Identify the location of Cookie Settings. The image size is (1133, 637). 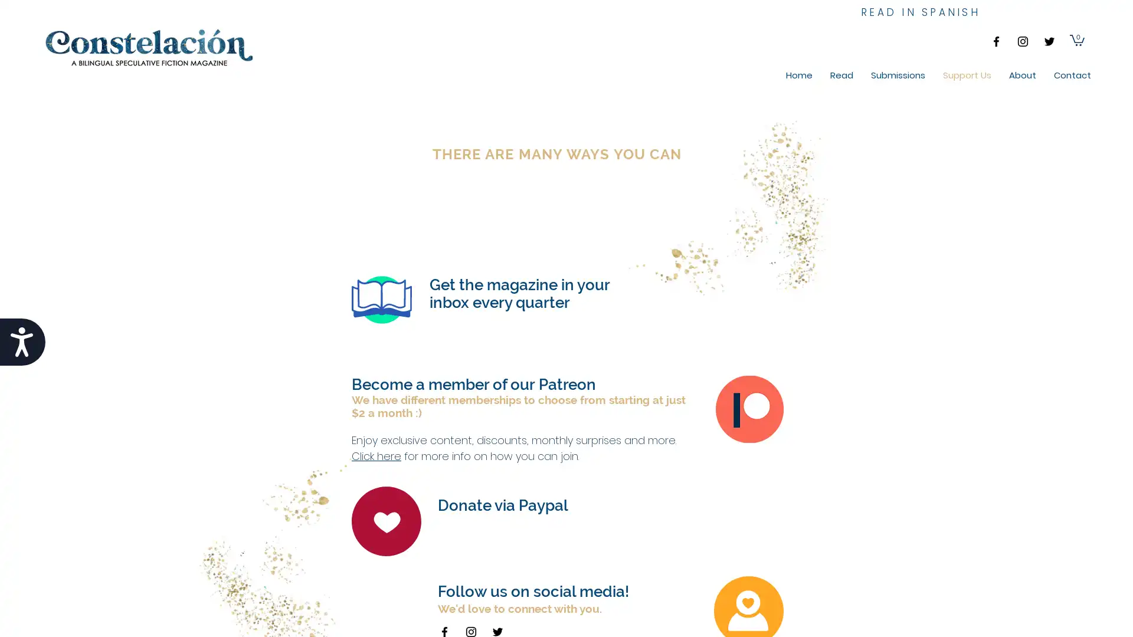
(1005, 616).